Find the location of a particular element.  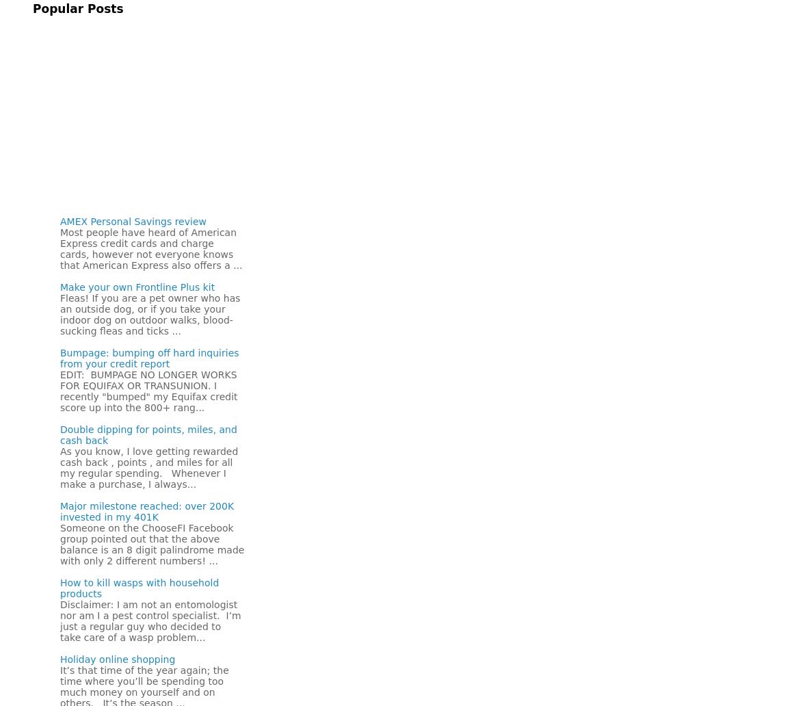

'Holiday online shopping' is located at coordinates (117, 658).